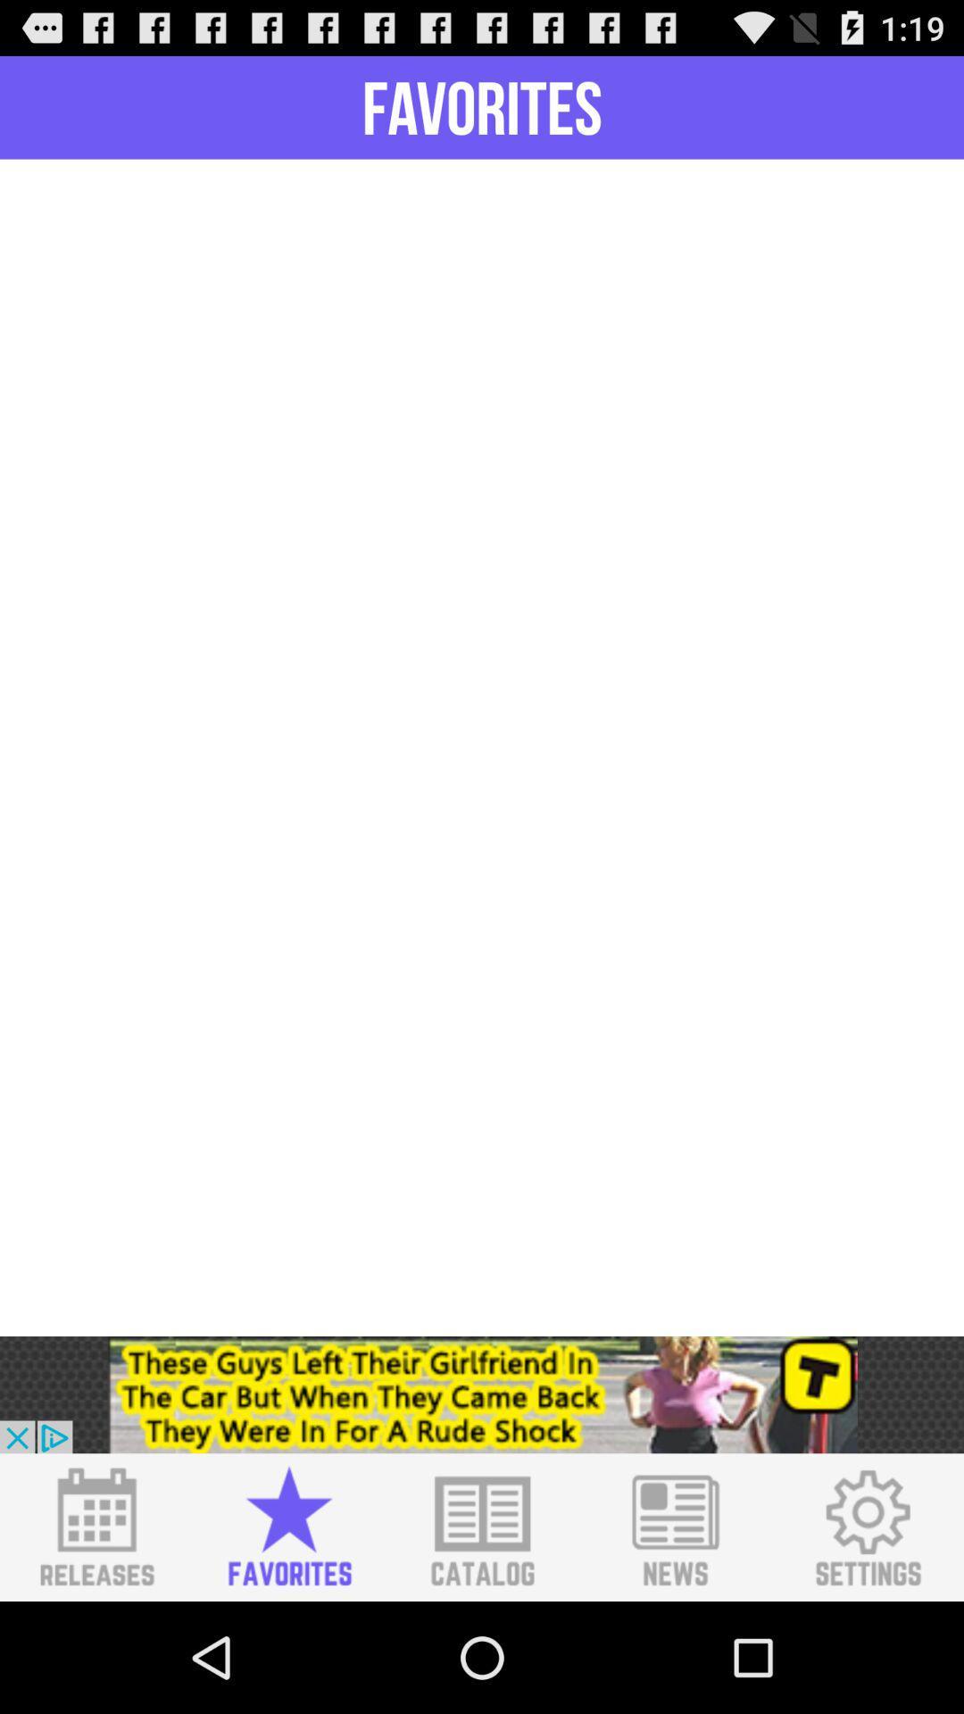 The height and width of the screenshot is (1714, 964). I want to click on click advertisements, so click(482, 1394).